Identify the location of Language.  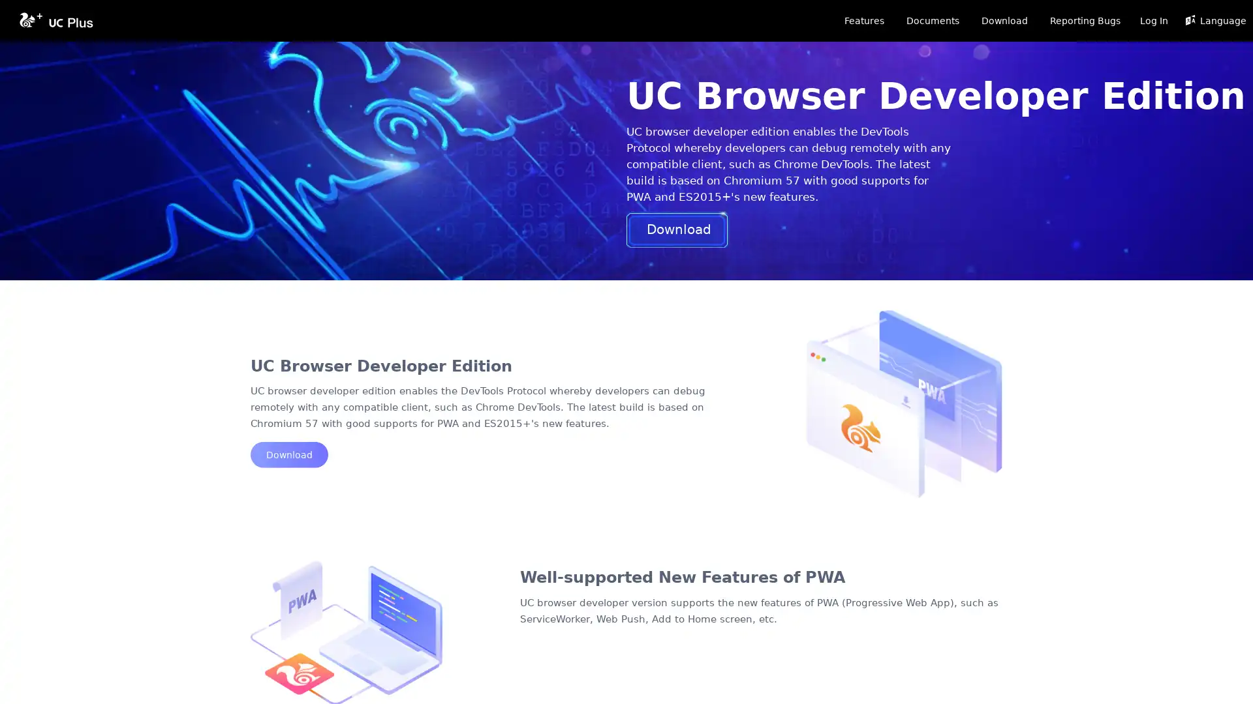
(1214, 20).